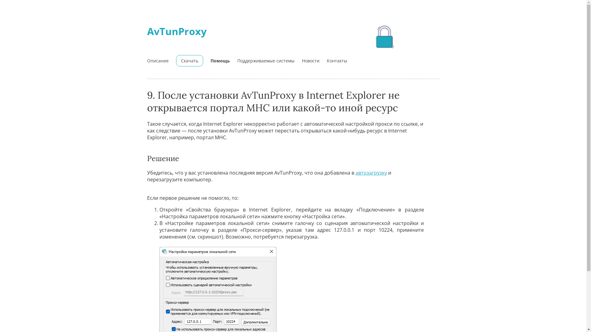  What do you see at coordinates (147, 31) in the screenshot?
I see `'AvTunProxy'` at bounding box center [147, 31].